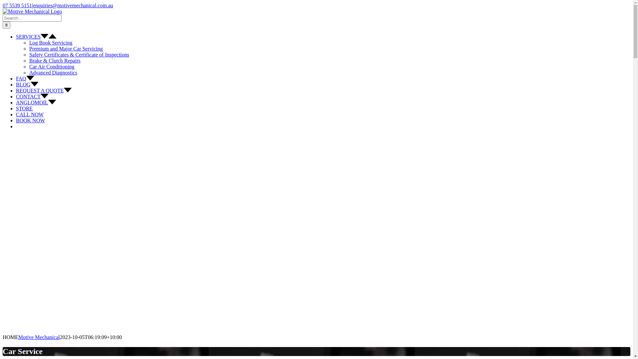  What do you see at coordinates (29, 114) in the screenshot?
I see `'CALL NOW'` at bounding box center [29, 114].